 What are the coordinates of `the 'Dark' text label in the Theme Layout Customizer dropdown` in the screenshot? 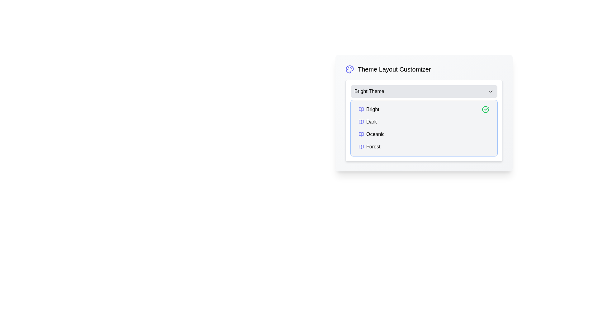 It's located at (371, 122).